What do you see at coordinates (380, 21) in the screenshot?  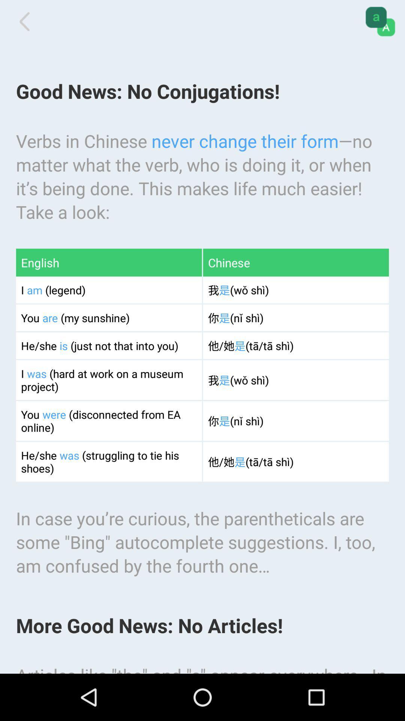 I see `item at the top right corner` at bounding box center [380, 21].